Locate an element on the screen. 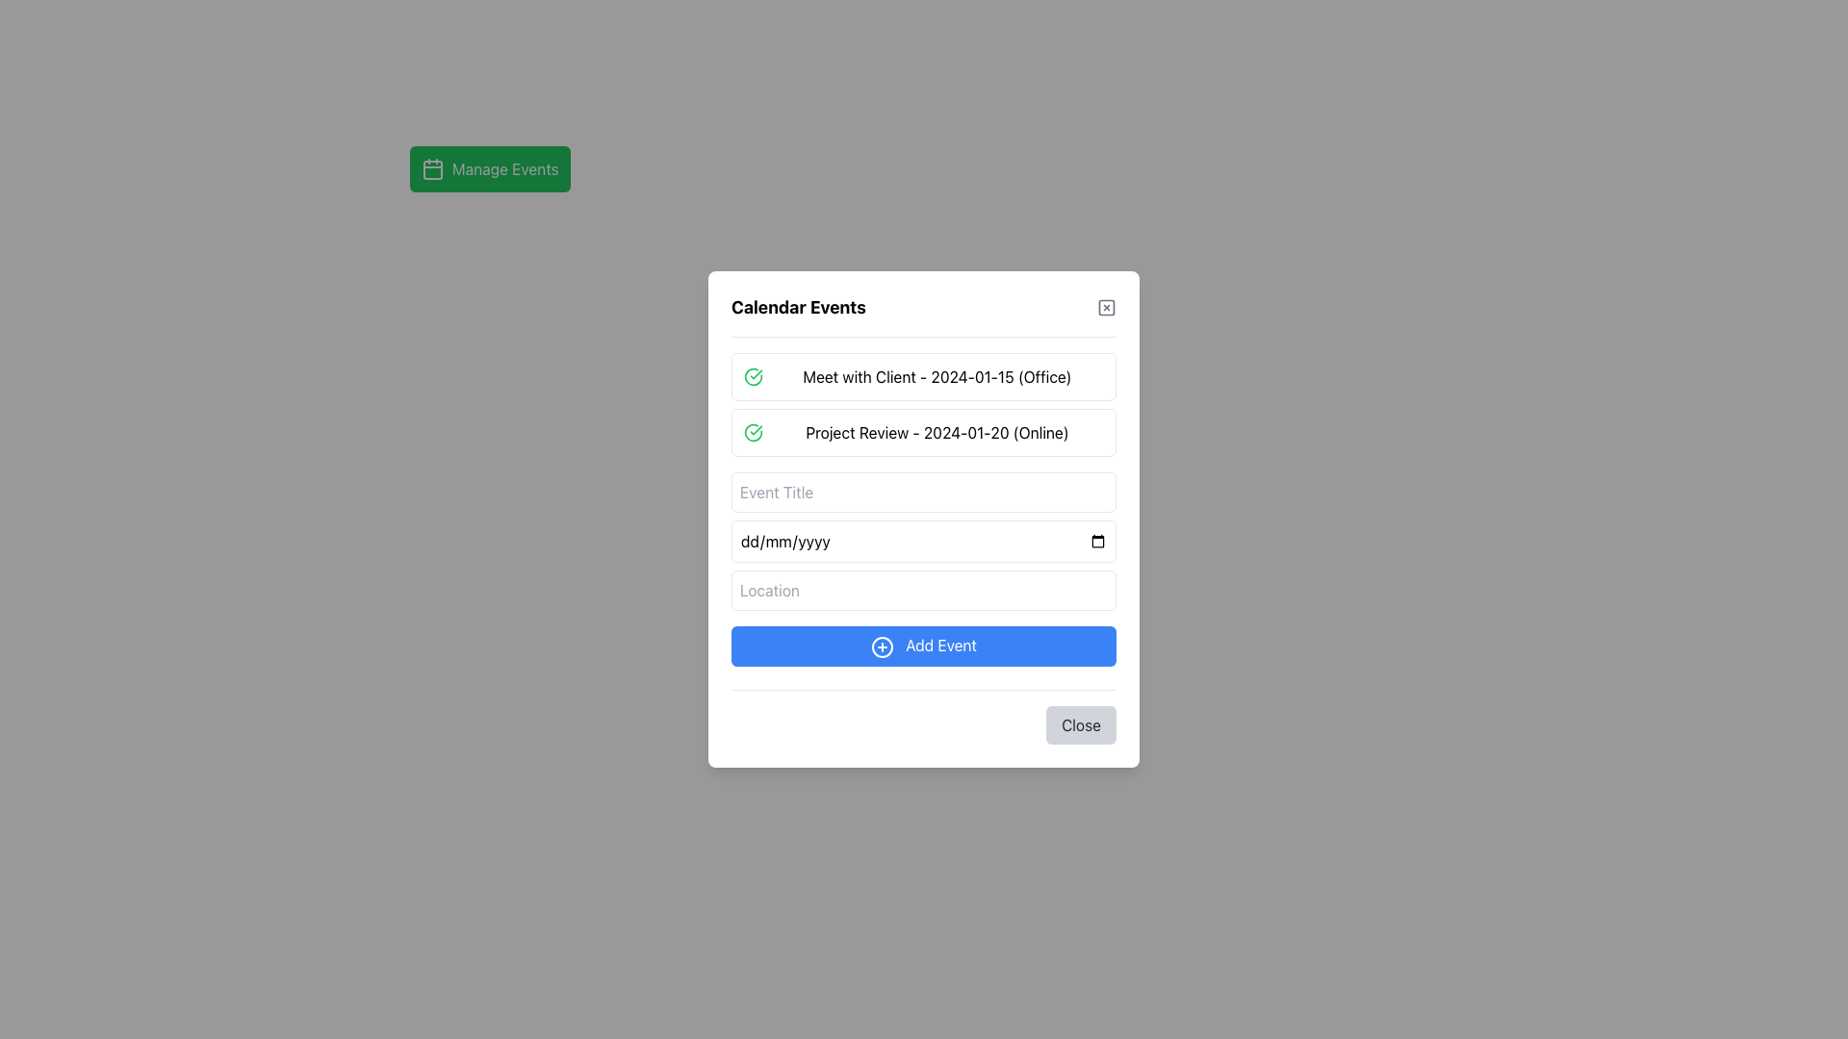 Image resolution: width=1848 pixels, height=1039 pixels. the green circular check mark icon that signifies a completed or confirmed status, located to the left of the text 'Meet with Client - 2024-01-15 (Office)' in the 'Calendar Events' dialog is located at coordinates (752, 377).